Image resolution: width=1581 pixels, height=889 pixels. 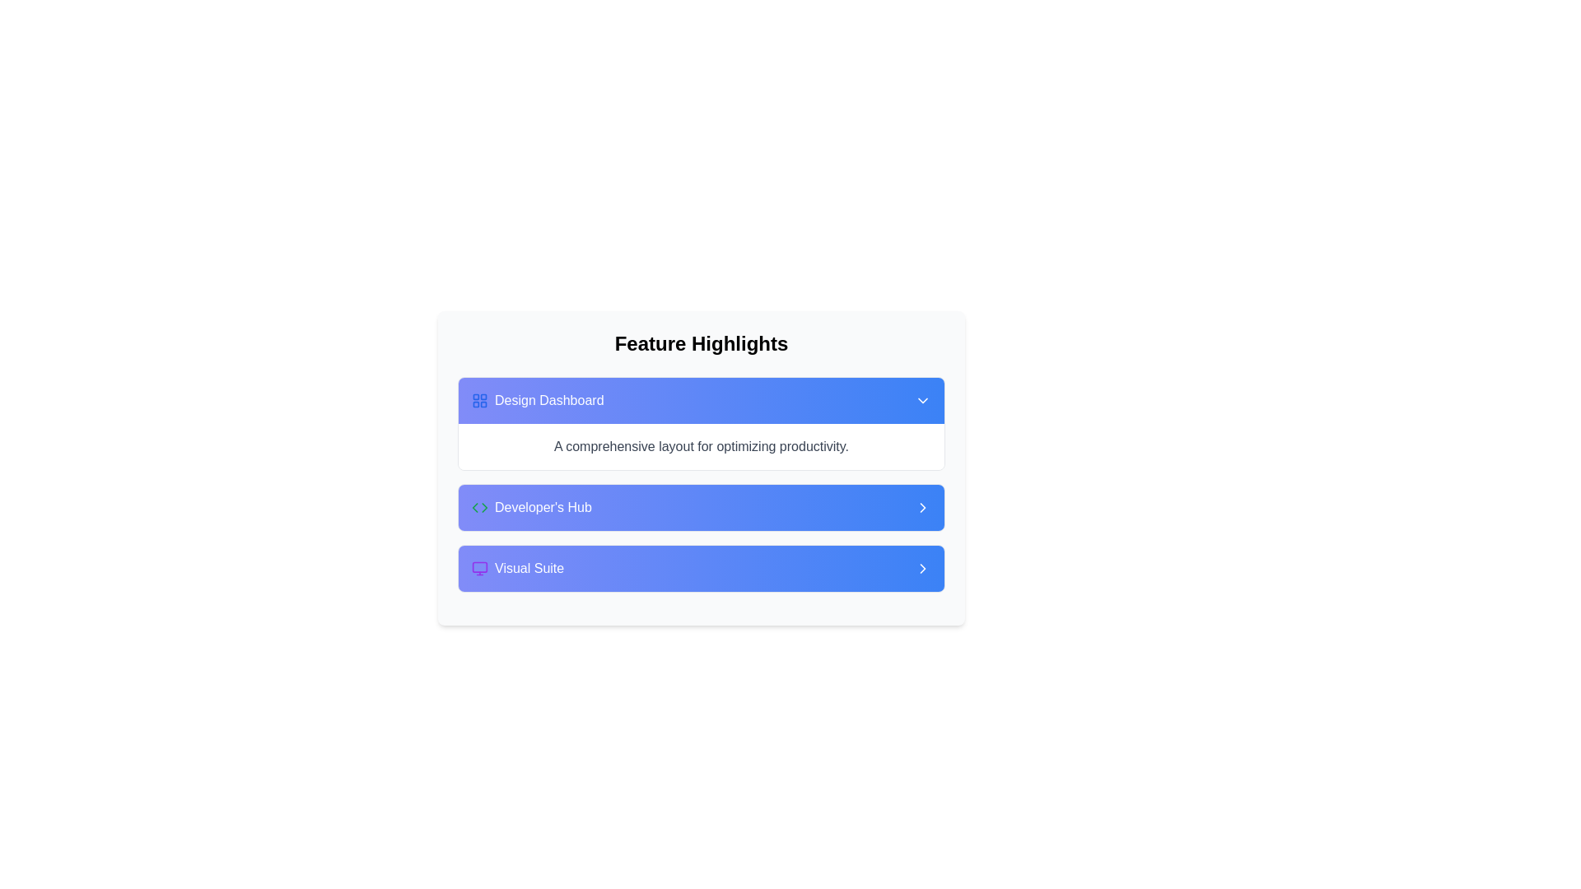 I want to click on the rightward-facing chevron icon located at the right edge of the 'Visual Suite' bar, so click(x=923, y=567).